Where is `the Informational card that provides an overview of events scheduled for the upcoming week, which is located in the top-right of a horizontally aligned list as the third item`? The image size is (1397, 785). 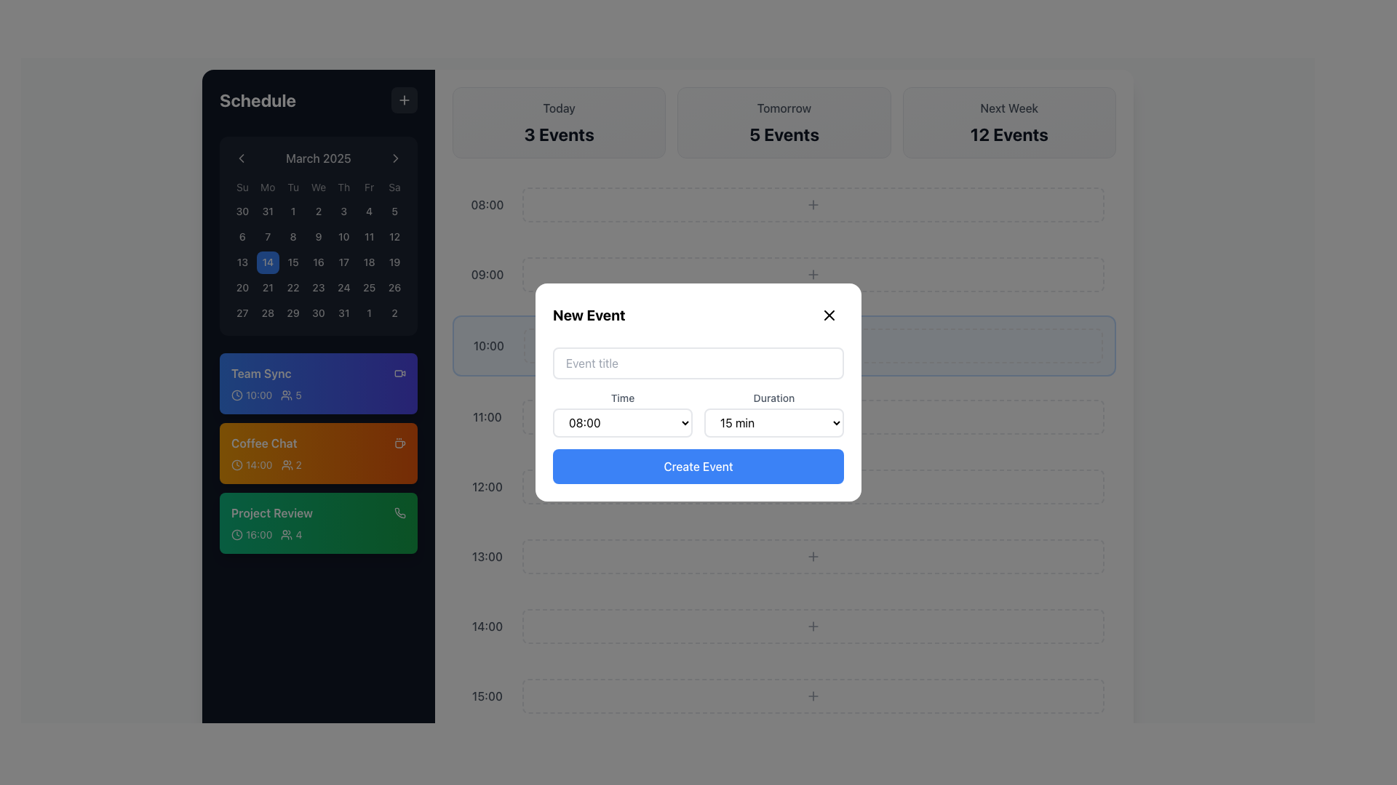 the Informational card that provides an overview of events scheduled for the upcoming week, which is located in the top-right of a horizontally aligned list as the third item is located at coordinates (1008, 122).